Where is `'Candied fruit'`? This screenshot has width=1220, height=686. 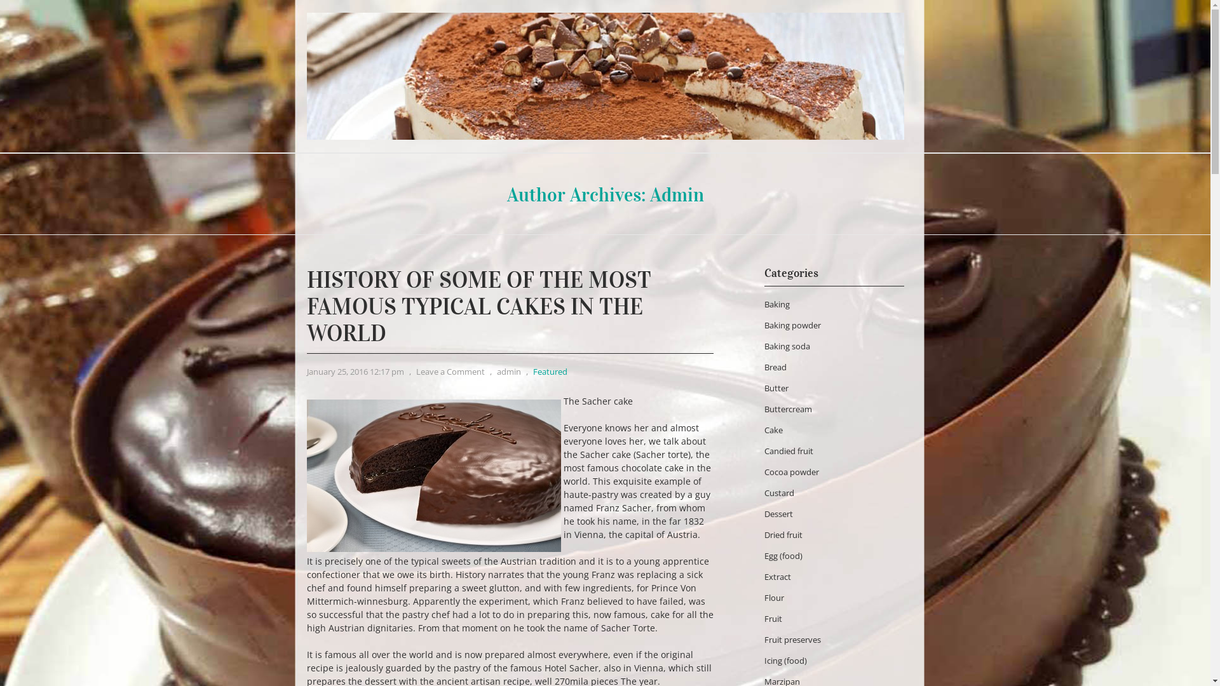 'Candied fruit' is located at coordinates (787, 450).